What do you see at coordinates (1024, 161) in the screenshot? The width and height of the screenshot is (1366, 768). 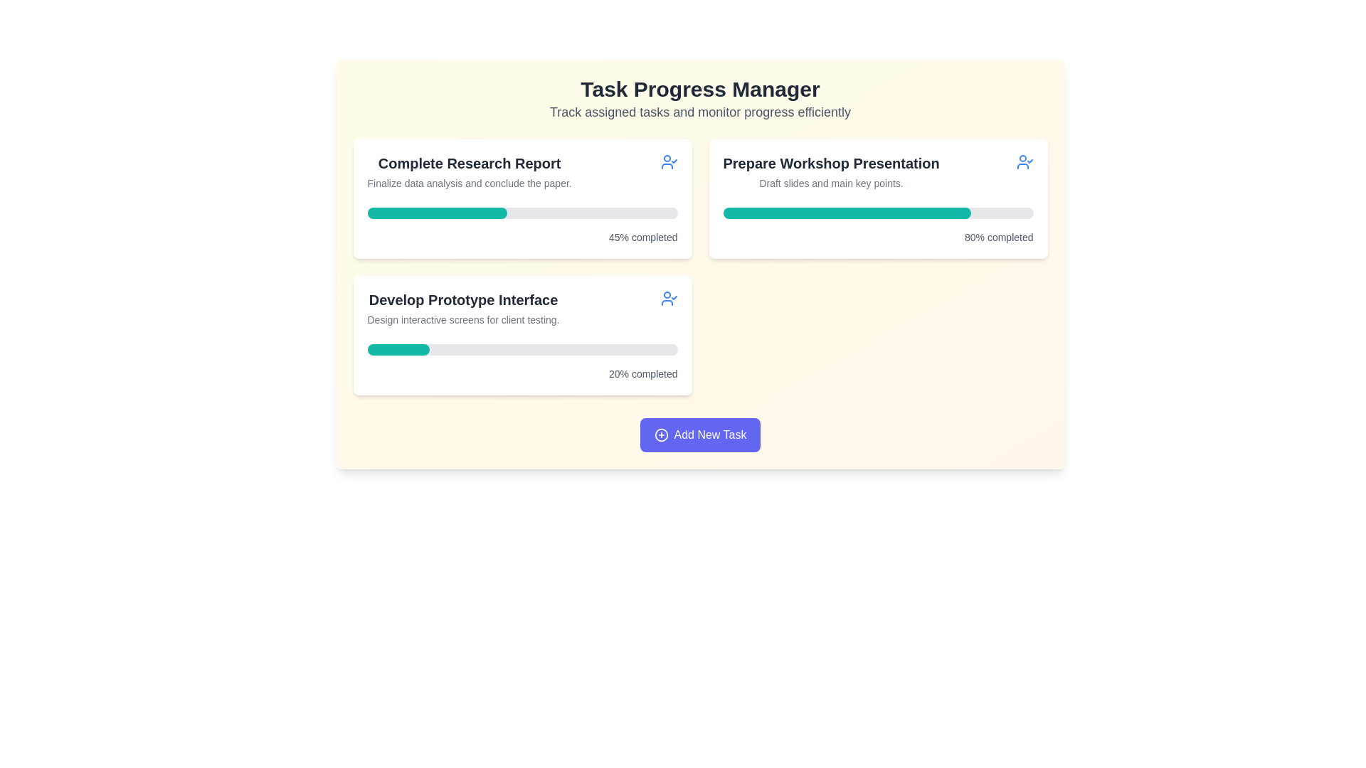 I see `the user-related status icon located at the top right corner of the 'Prepare Workshop Presentation' card, adjacent to the title and progress bar` at bounding box center [1024, 161].